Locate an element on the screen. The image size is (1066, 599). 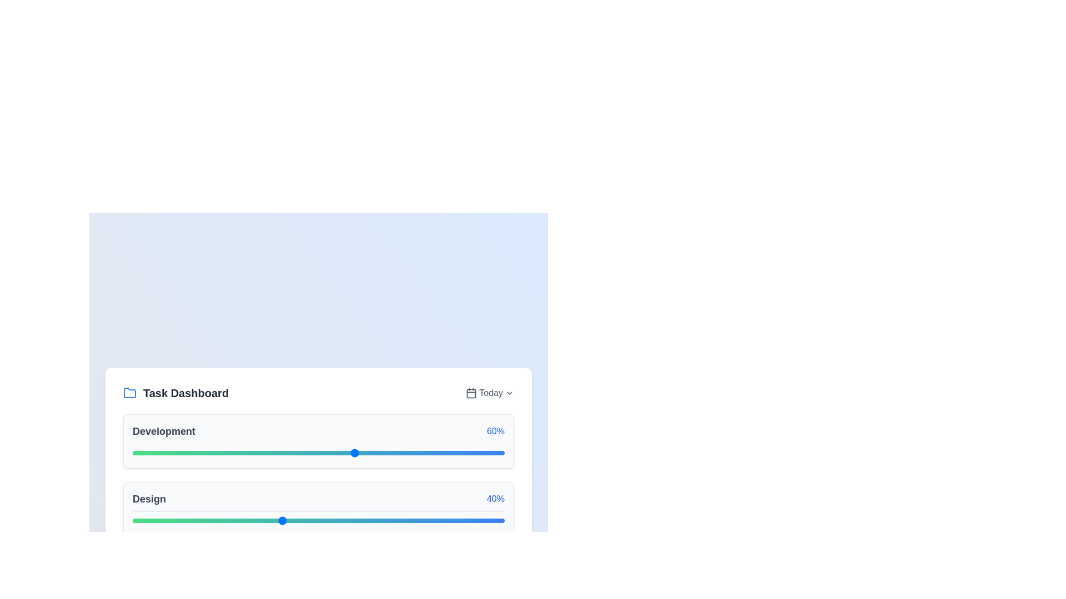
the slider value is located at coordinates (296, 587).